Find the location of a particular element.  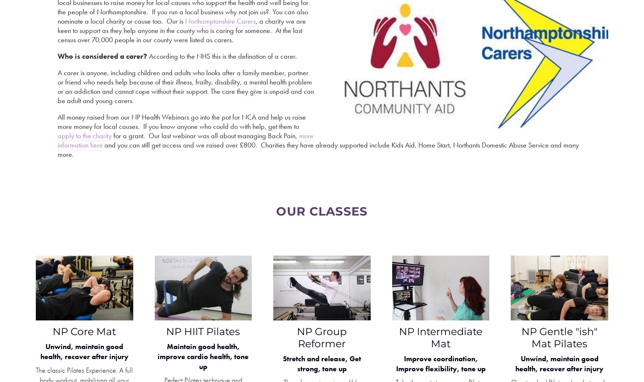

'oUR cLASSES' is located at coordinates (276, 211).